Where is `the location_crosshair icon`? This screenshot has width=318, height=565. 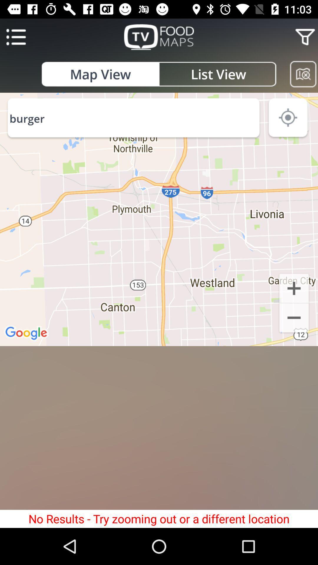
the location_crosshair icon is located at coordinates (294, 117).